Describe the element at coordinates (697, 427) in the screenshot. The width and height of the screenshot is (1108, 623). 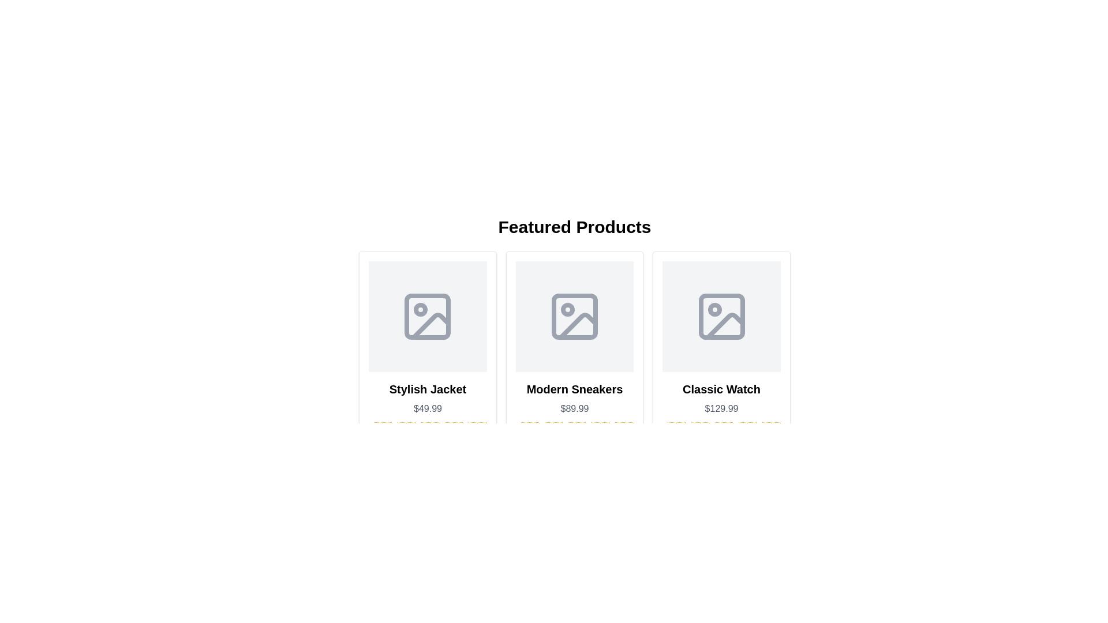
I see `the second star icon representing a rating for the product 'Classic Watch'` at that location.